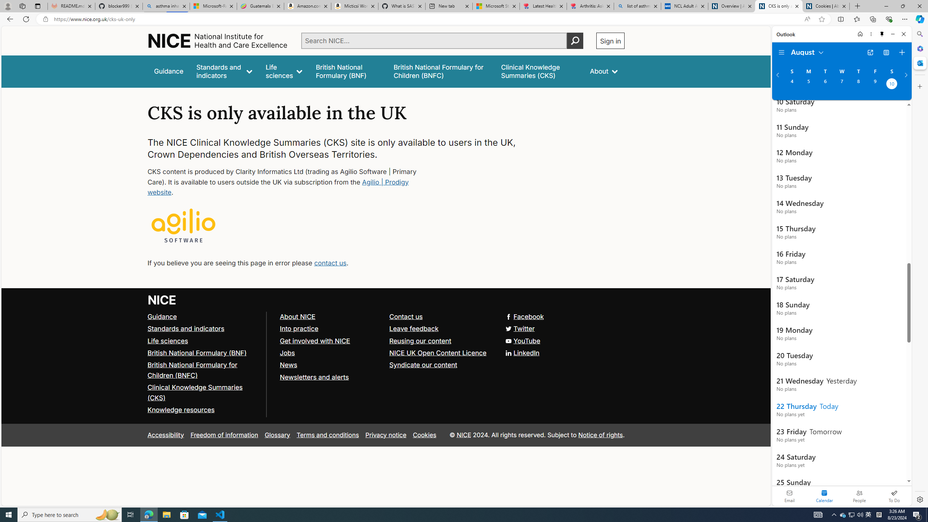 This screenshot has height=522, width=928. Describe the element at coordinates (224, 435) in the screenshot. I see `'Freedom of information'` at that location.